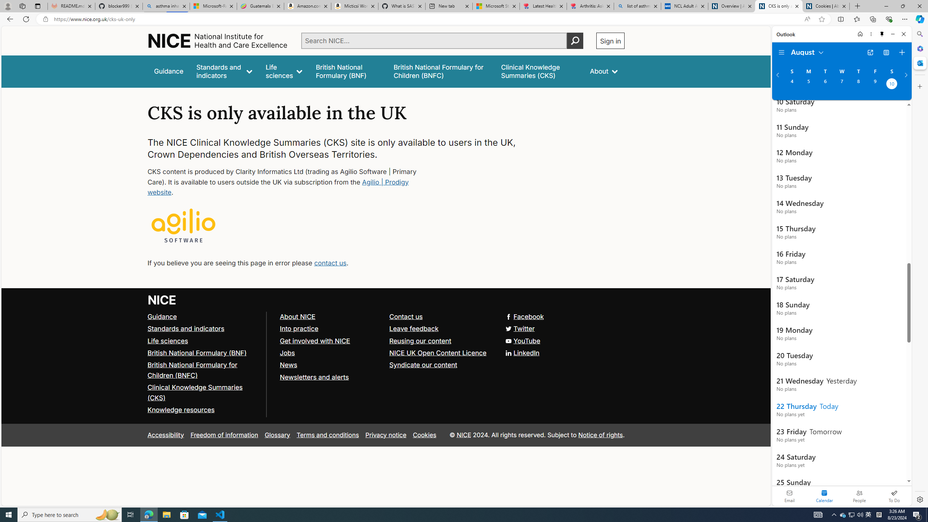 This screenshot has height=522, width=928. Describe the element at coordinates (224, 435) in the screenshot. I see `'Freedom of information'` at that location.